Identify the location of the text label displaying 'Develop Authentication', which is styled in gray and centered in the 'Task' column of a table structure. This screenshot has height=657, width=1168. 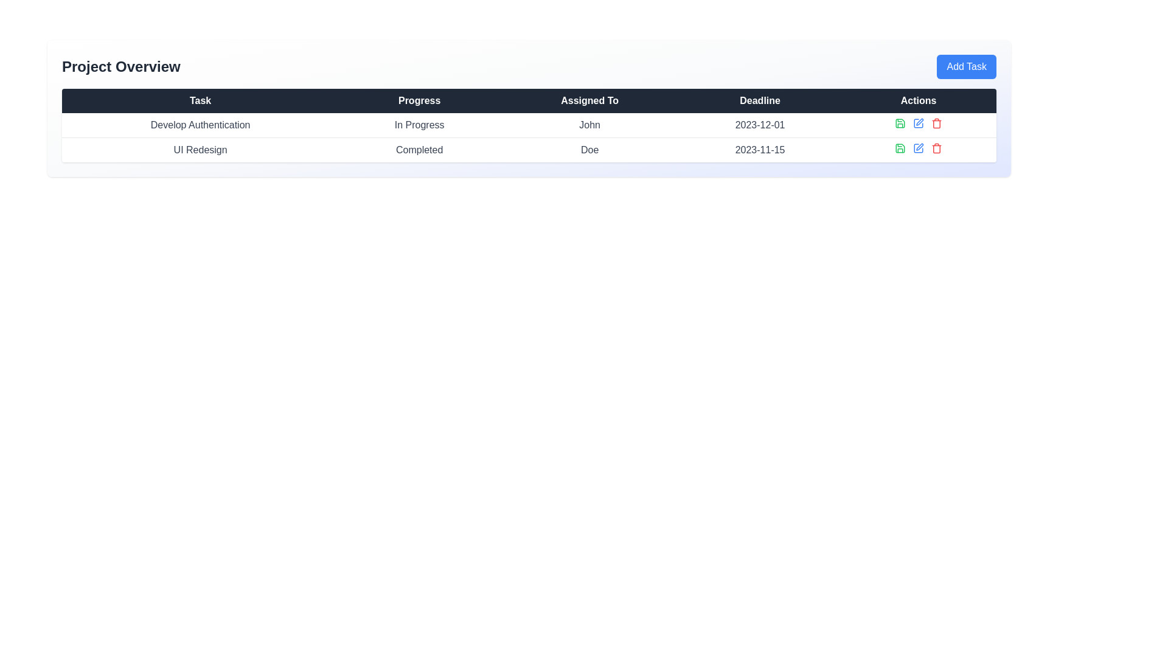
(200, 125).